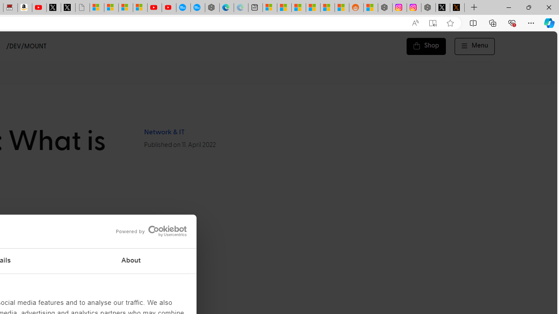  I want to click on 'Enter Immersive Reader (F9)', so click(433, 23).